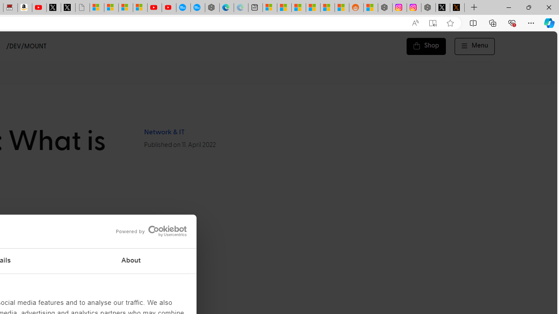  I want to click on 'Enter Immersive Reader (F9)', so click(433, 23).